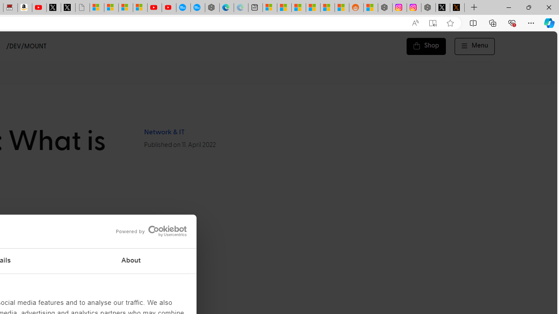  I want to click on 'Enter Immersive Reader (F9)', so click(433, 23).